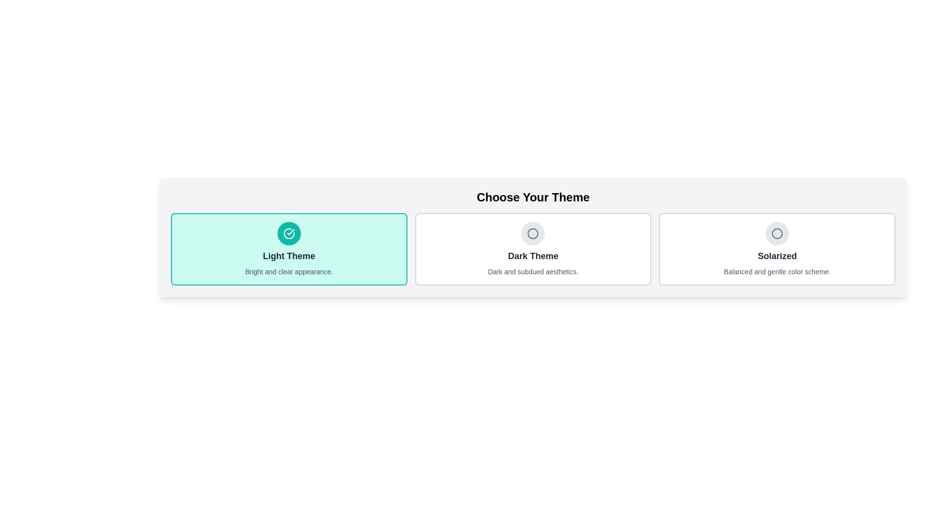 The width and height of the screenshot is (938, 528). I want to click on the circular Icon with a gray background located under the text 'Dark Theme' and above the description 'Dark and subdued aesthetics.', so click(533, 234).